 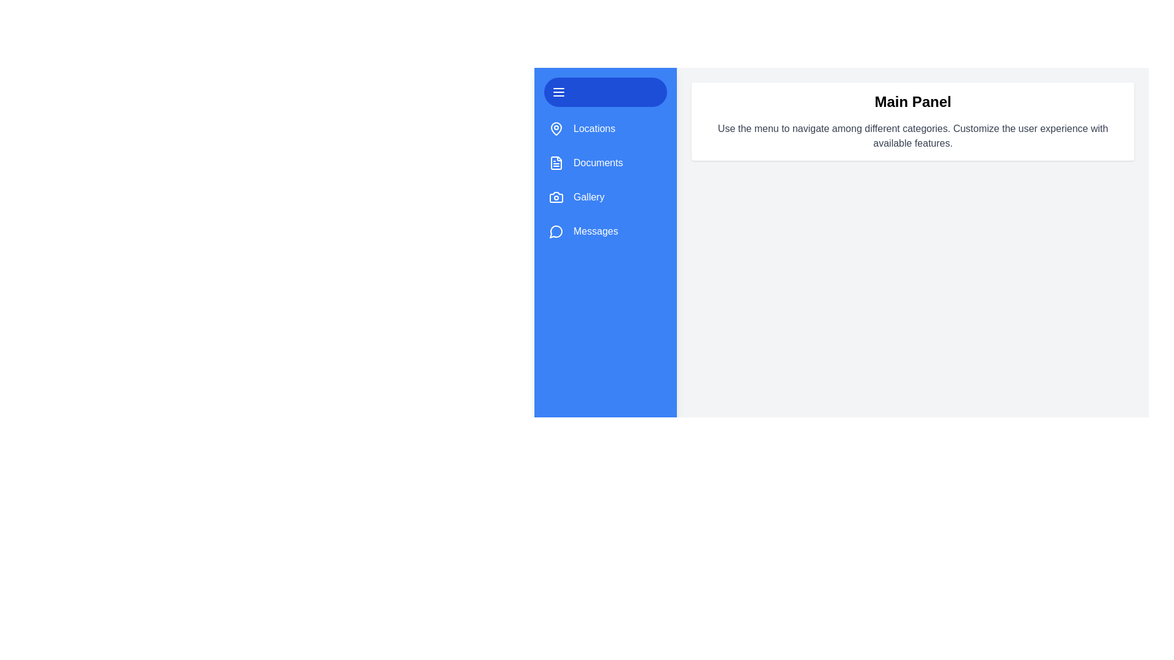 I want to click on the category item Documents to visually interact with it, so click(x=574, y=162).